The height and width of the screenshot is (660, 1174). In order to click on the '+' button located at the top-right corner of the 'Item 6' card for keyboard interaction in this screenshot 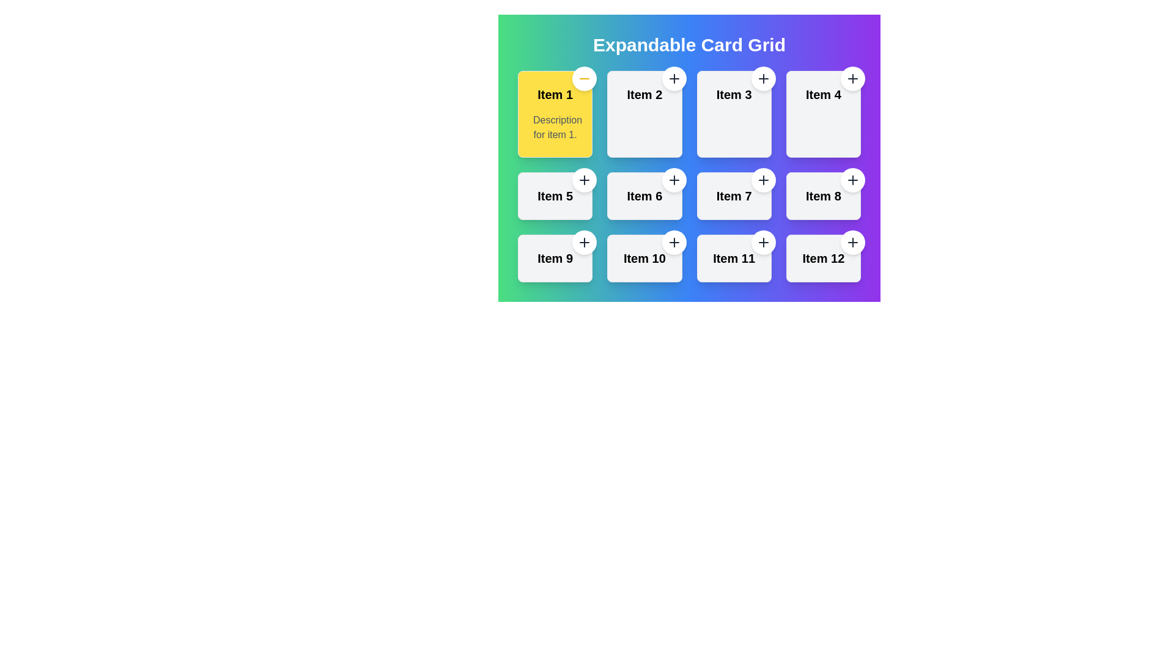, I will do `click(673, 180)`.